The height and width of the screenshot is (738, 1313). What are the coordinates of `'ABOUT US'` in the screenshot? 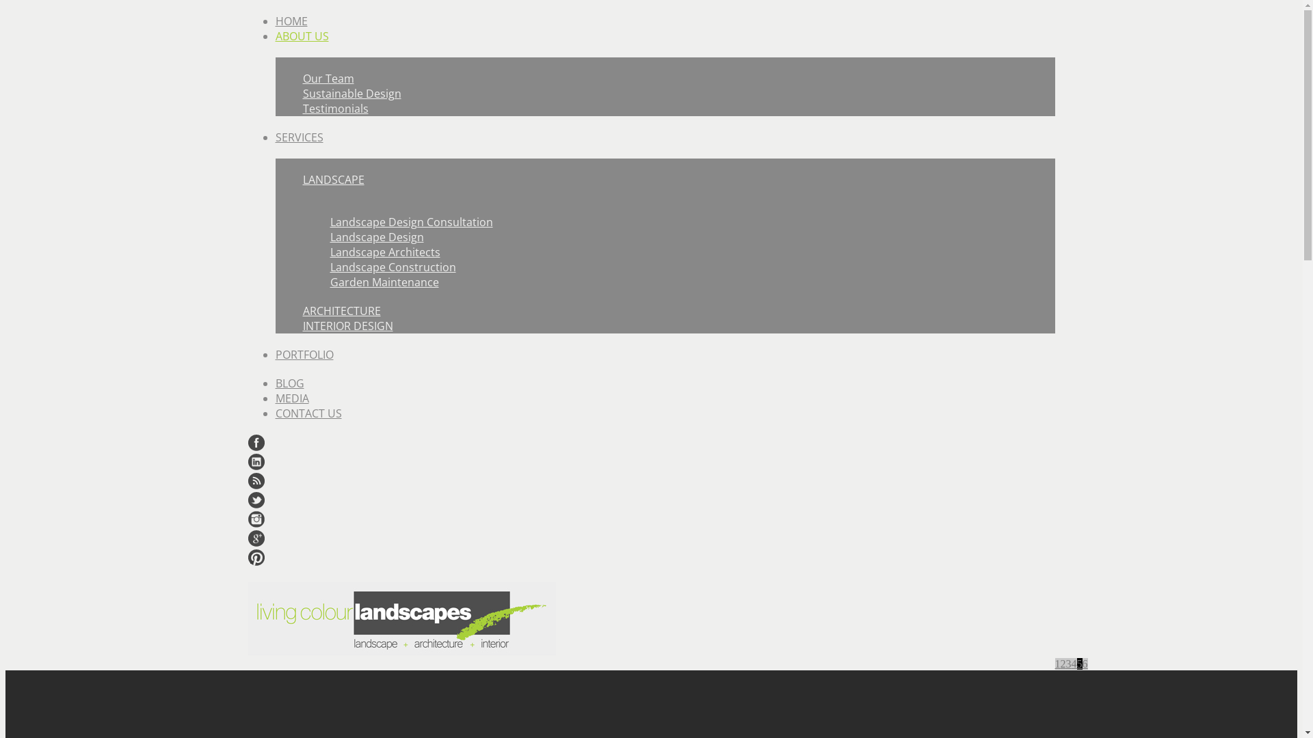 It's located at (301, 36).